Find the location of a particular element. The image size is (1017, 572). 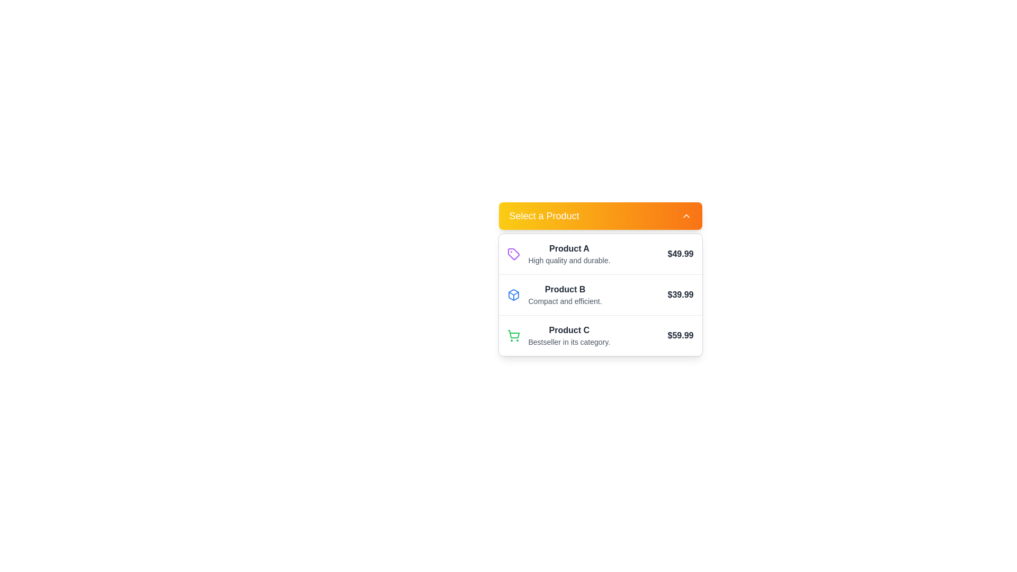

the last item is located at coordinates (600, 335).